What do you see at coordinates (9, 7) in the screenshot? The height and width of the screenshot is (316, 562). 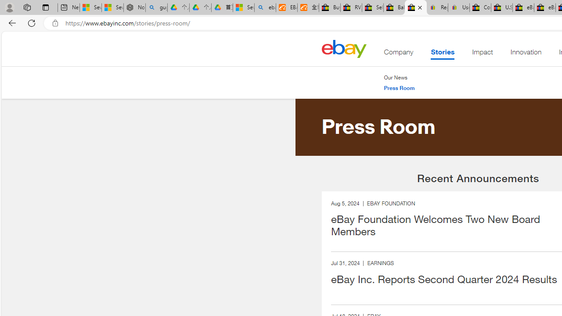 I see `'Personal Profile'` at bounding box center [9, 7].